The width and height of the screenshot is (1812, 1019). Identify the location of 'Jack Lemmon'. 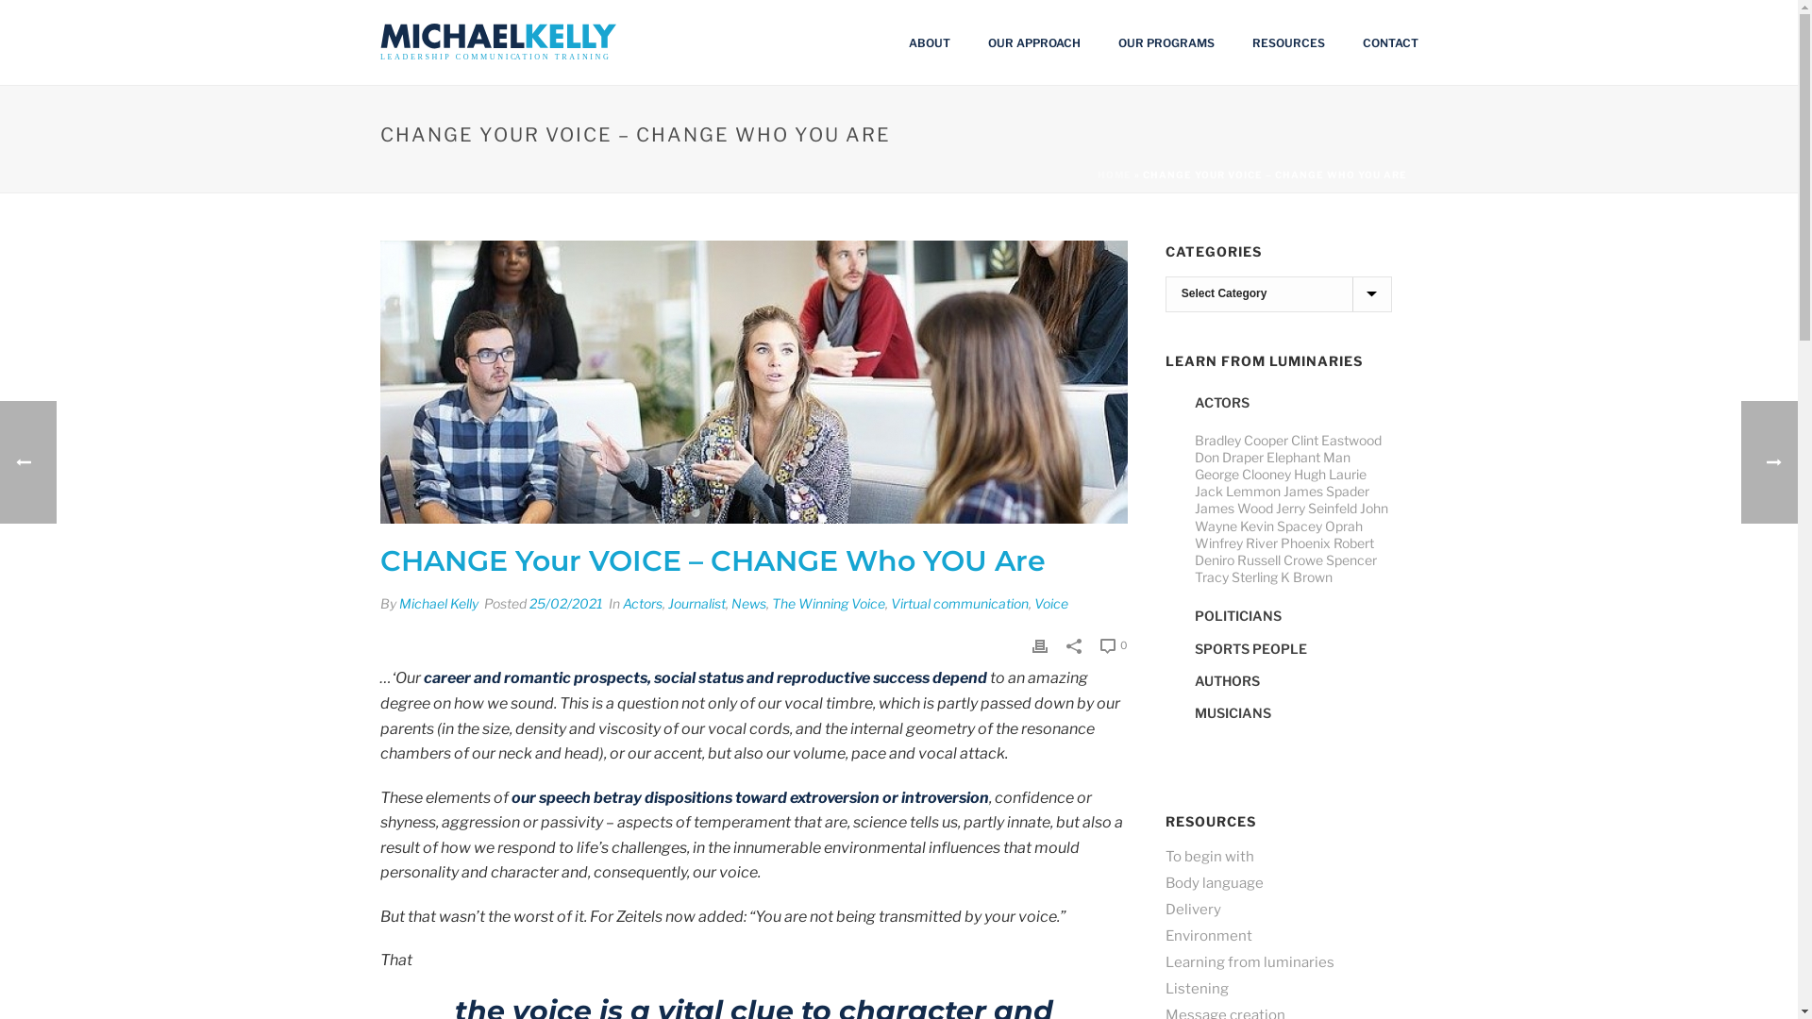
(1237, 490).